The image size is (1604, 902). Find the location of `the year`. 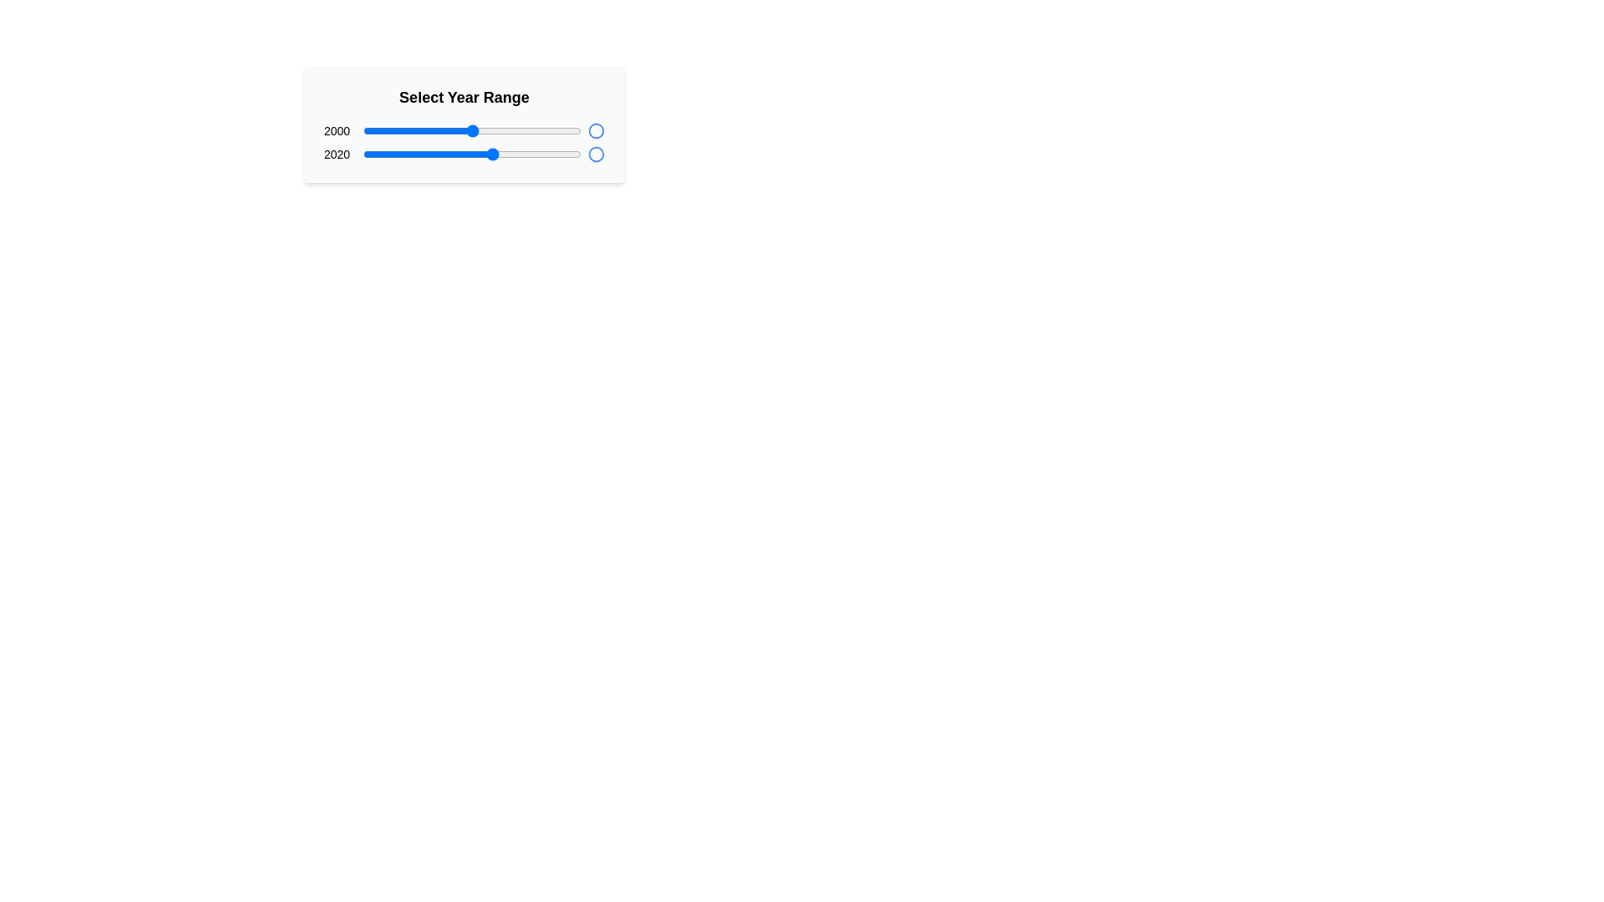

the year is located at coordinates (470, 130).